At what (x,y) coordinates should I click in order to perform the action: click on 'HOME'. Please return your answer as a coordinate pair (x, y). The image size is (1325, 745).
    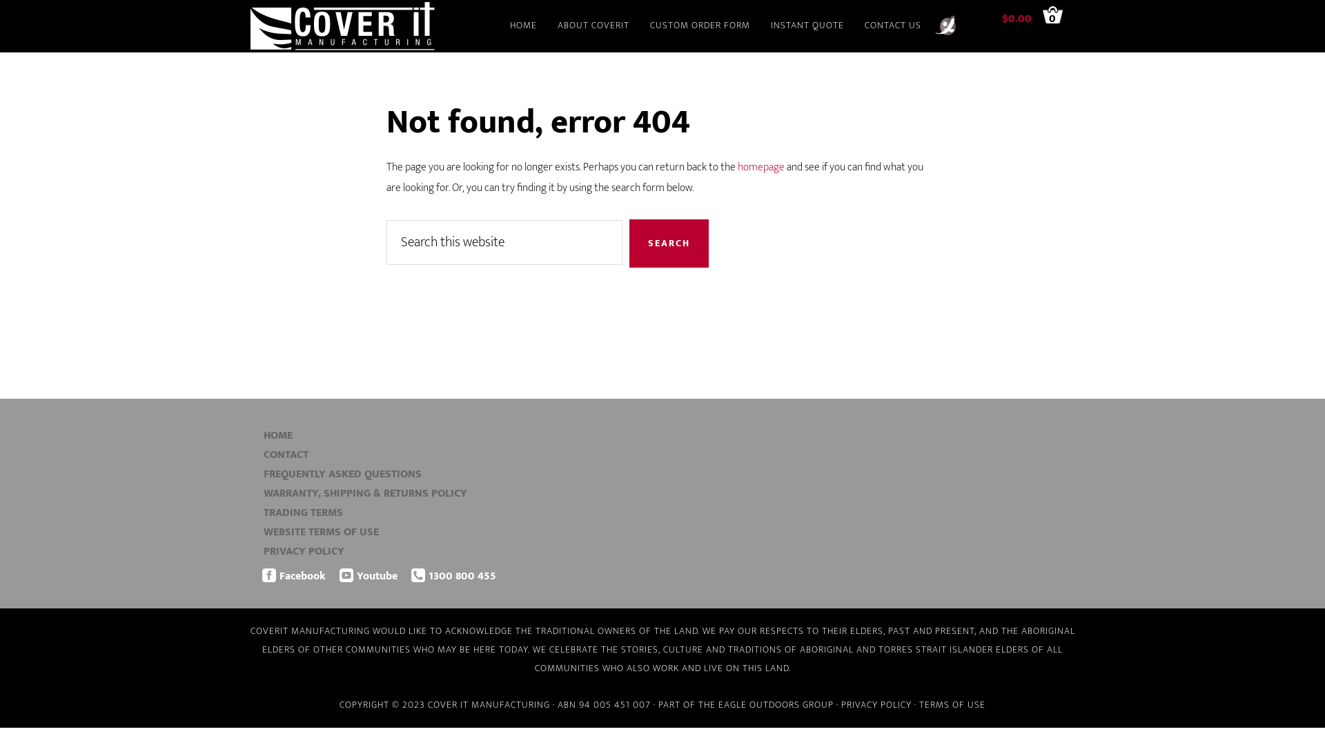
    Looking at the image, I should click on (522, 26).